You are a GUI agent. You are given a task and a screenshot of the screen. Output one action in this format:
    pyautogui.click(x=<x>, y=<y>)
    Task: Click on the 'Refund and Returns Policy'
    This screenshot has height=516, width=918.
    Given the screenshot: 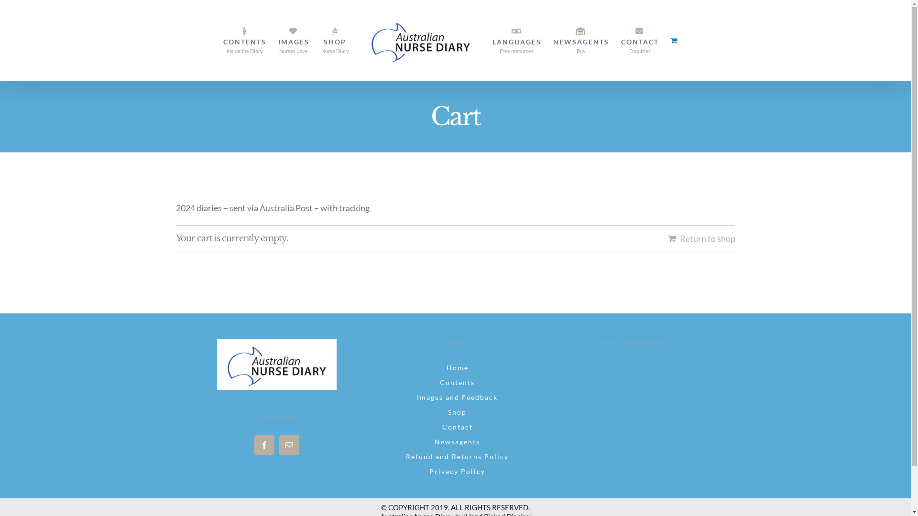 What is the action you would take?
    pyautogui.click(x=454, y=456)
    